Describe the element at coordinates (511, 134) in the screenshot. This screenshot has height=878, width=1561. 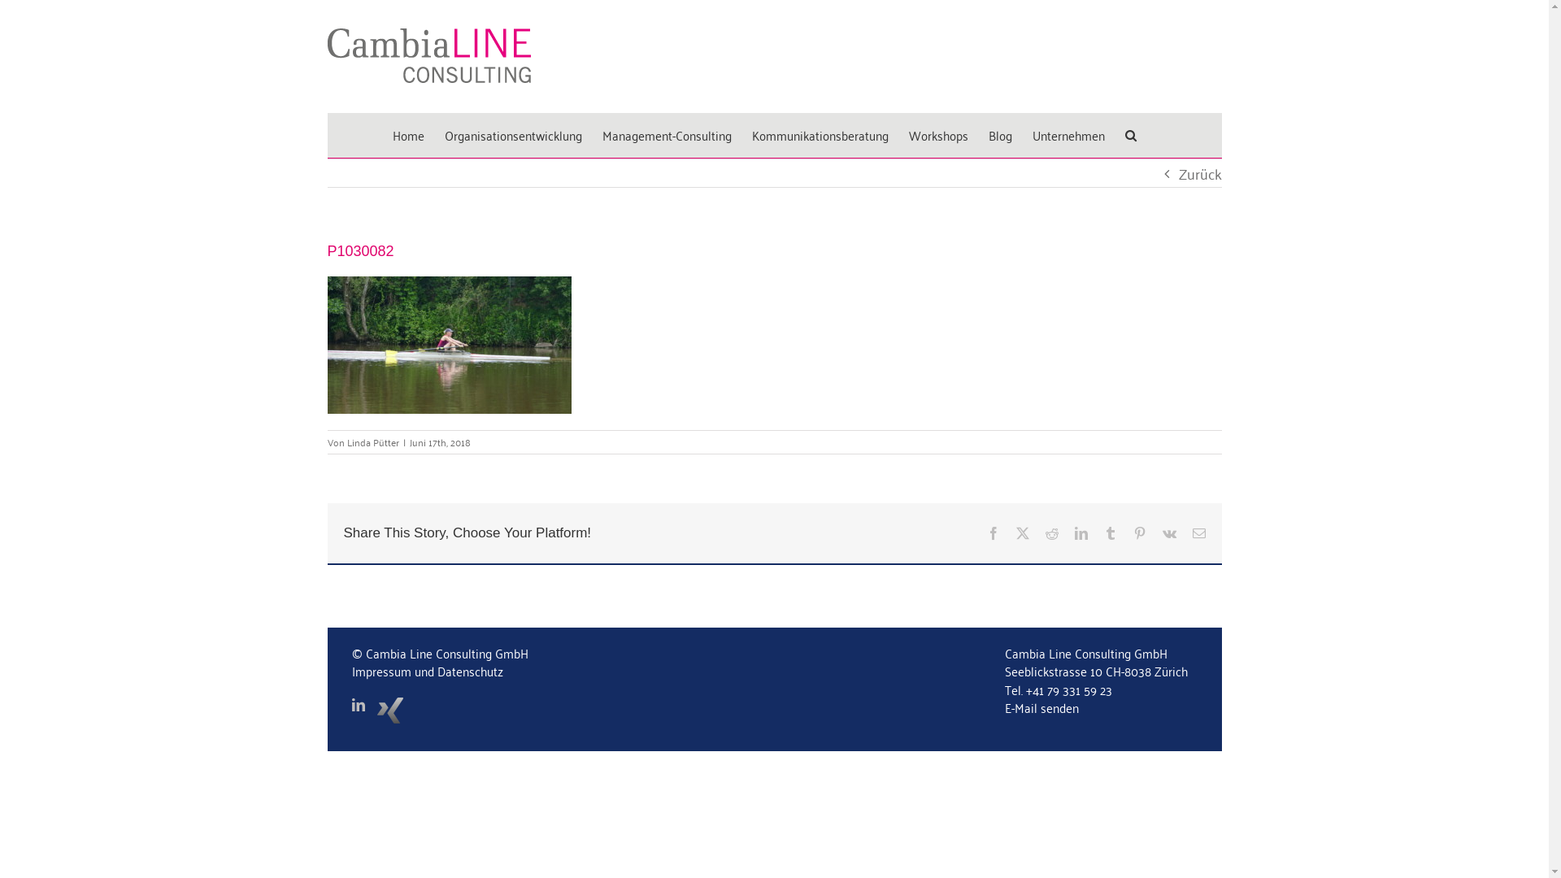
I see `'Organisationsentwicklung'` at that location.